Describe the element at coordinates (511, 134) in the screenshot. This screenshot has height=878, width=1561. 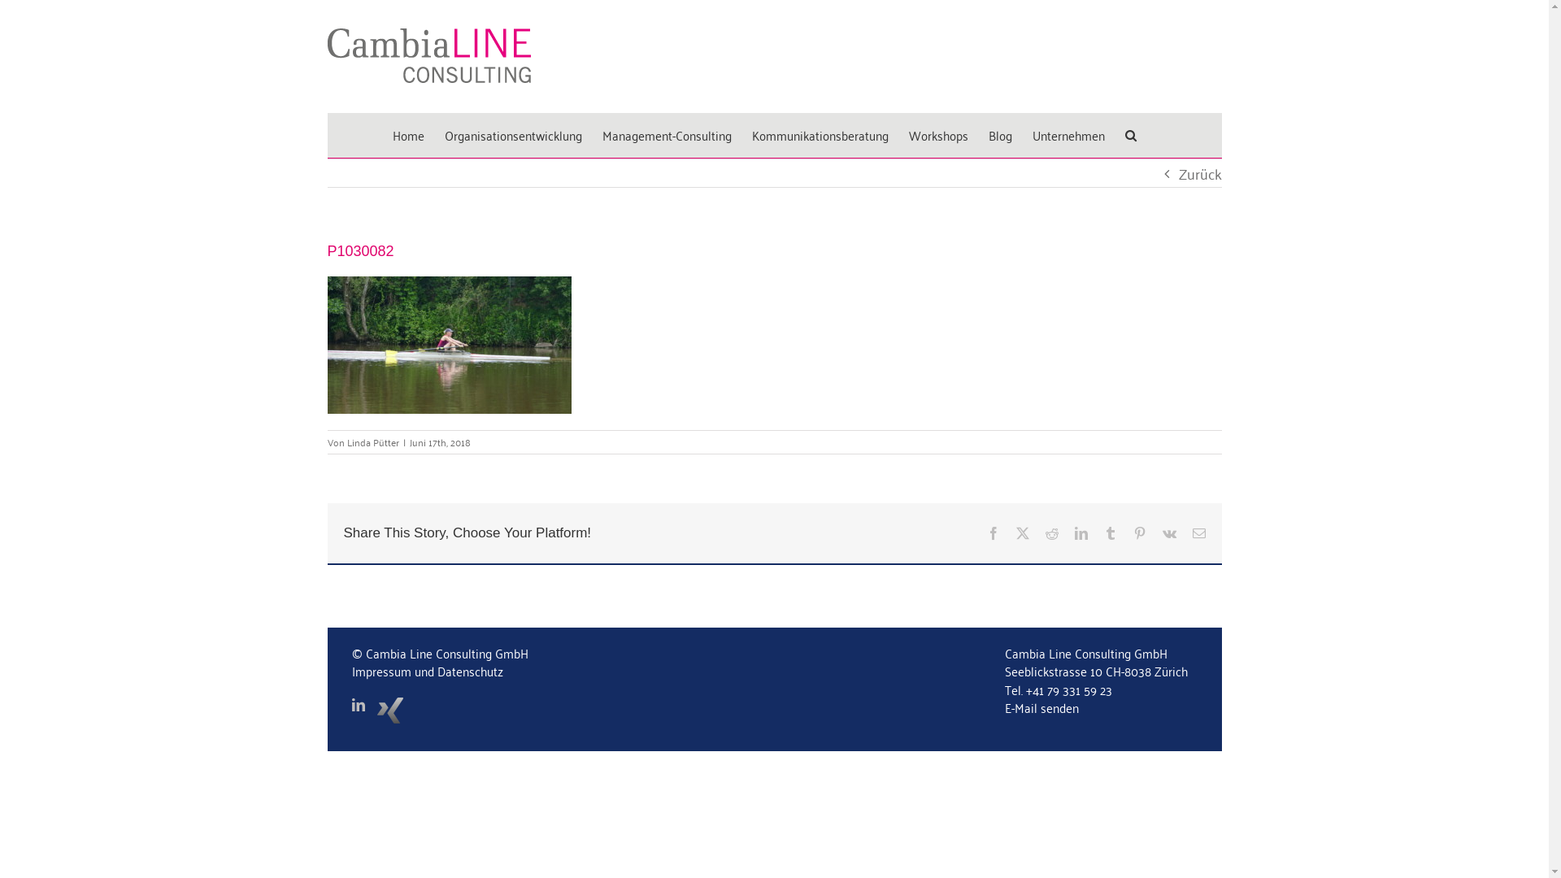
I see `'Organisationsentwicklung'` at that location.